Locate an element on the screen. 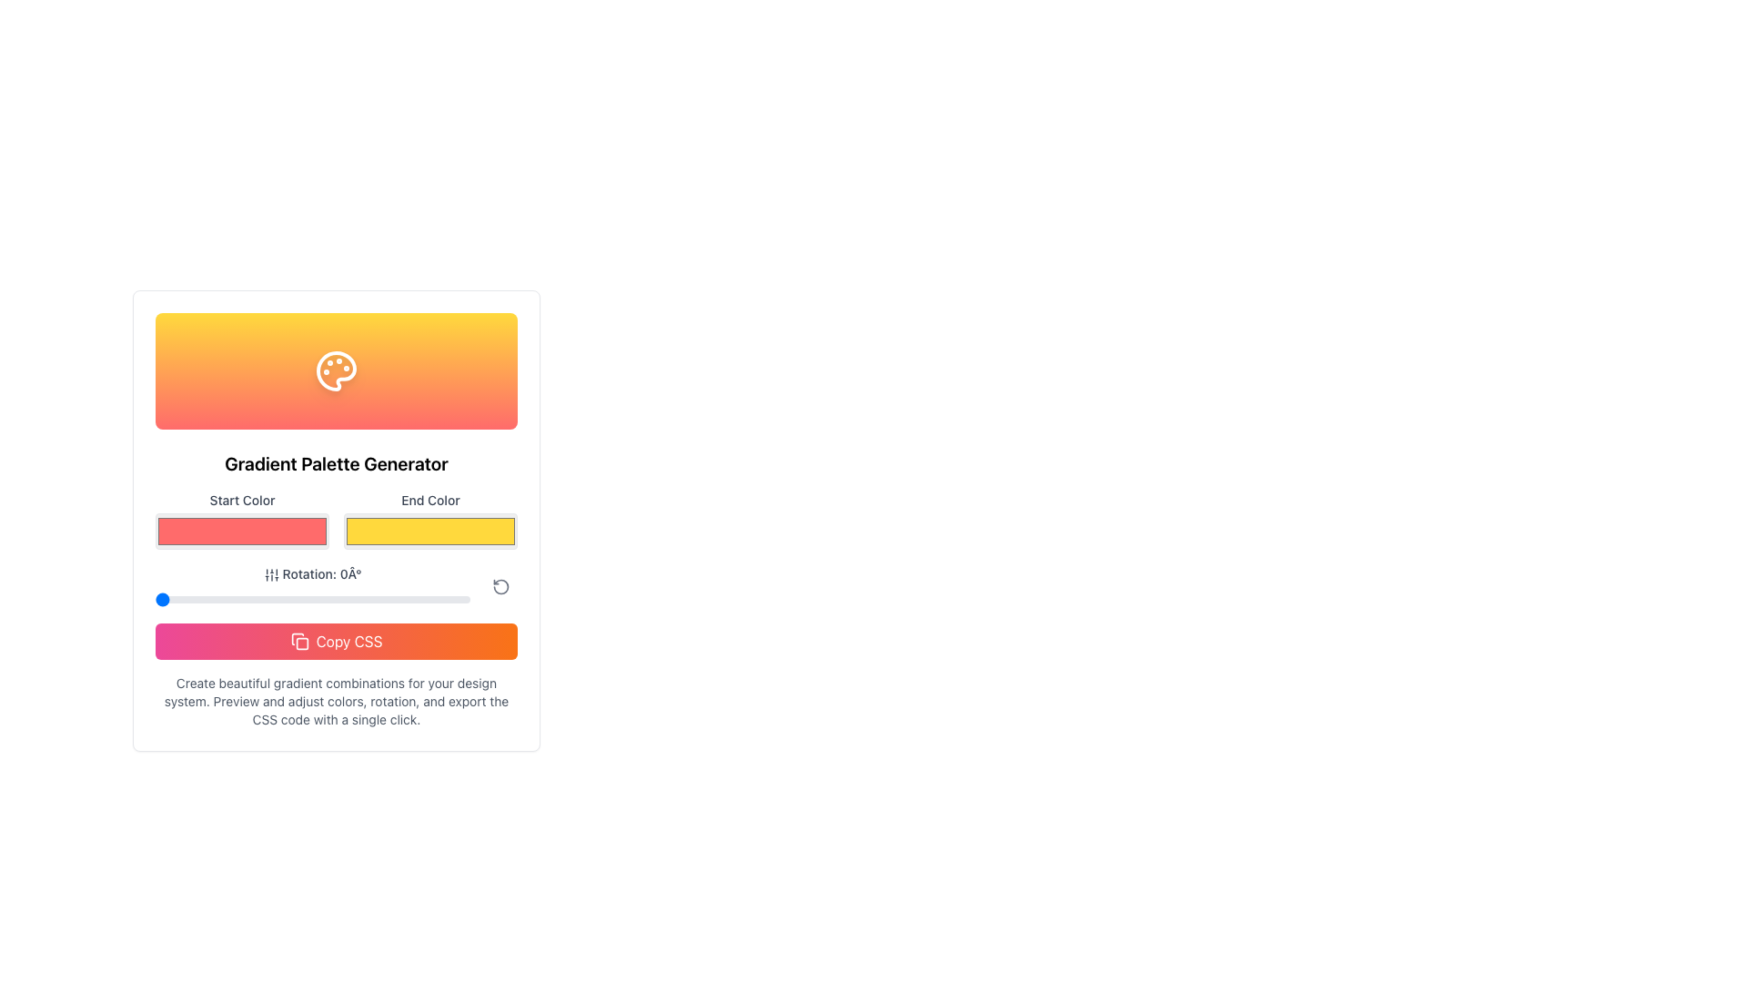 The image size is (1747, 983). the Color Picker Input Box with a yellow background located below the 'End Color' label is located at coordinates (429, 521).